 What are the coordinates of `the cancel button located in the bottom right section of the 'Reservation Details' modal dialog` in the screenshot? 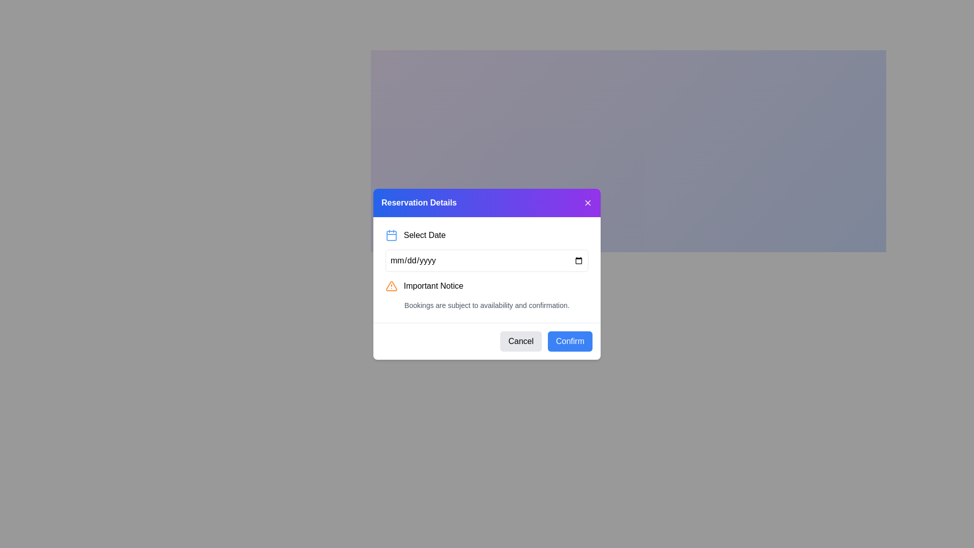 It's located at (521, 341).